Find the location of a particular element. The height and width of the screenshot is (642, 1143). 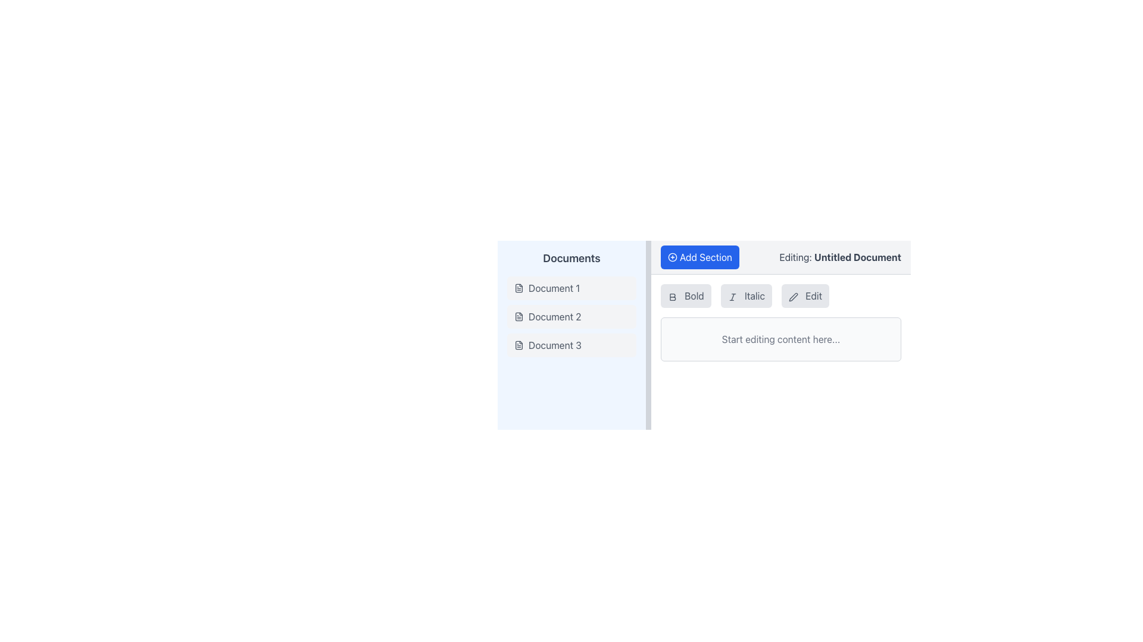

the small document icon located to the left of the 'Document 1' label, which features a file outline with a fold and text lines inside is located at coordinates (519, 288).